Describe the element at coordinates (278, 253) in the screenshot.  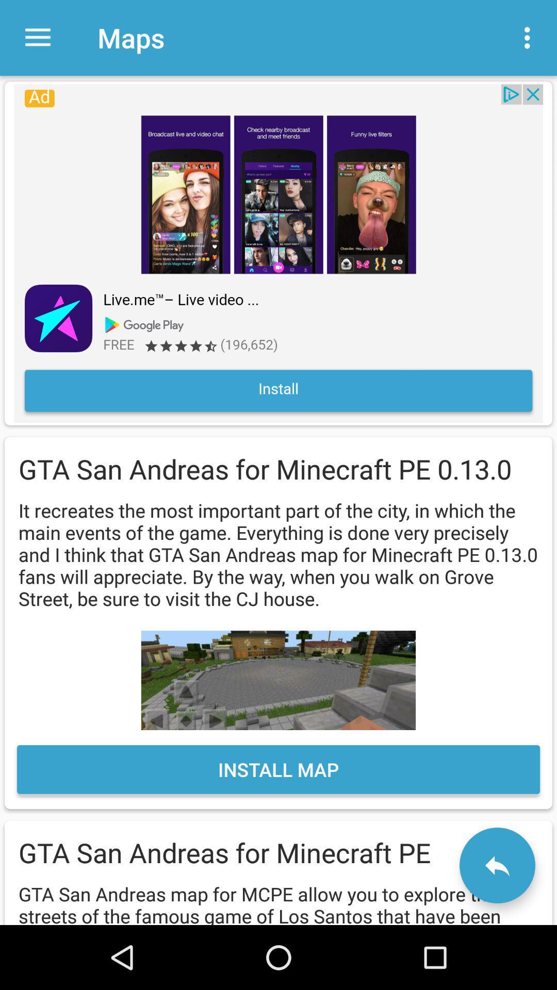
I see `click on advertisement to install` at that location.